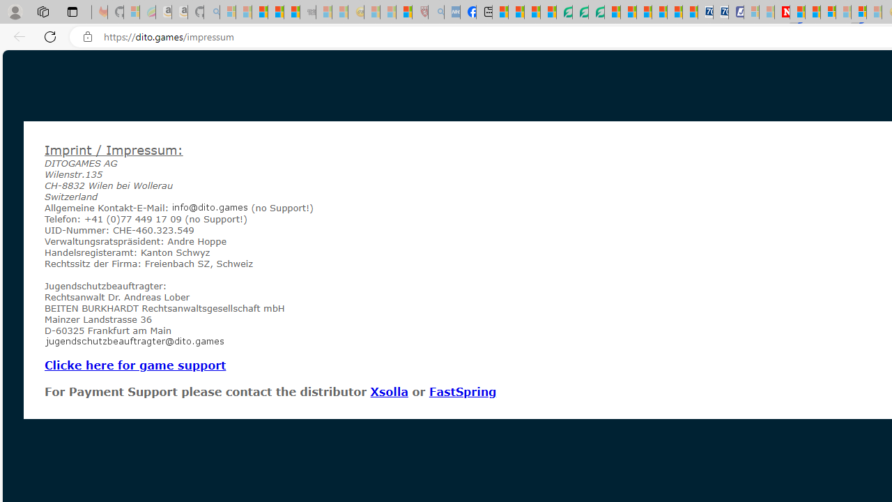 This screenshot has height=502, width=892. I want to click on 'Local - MSN', so click(403, 12).